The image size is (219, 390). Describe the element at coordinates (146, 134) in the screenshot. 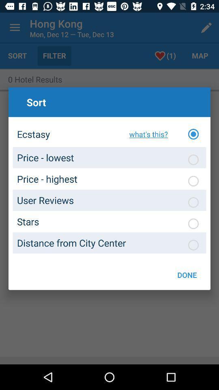

I see `the icon next to ecstasy` at that location.